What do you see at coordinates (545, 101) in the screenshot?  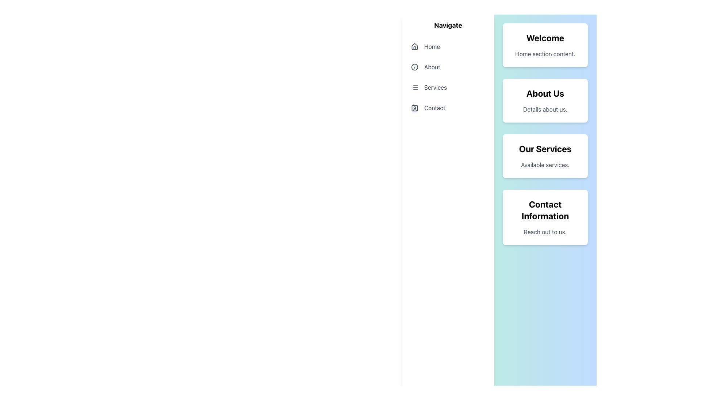 I see `the Informational card containing the 'About Us' text, which is the second card in a vertically stacked list of similar cards` at bounding box center [545, 101].